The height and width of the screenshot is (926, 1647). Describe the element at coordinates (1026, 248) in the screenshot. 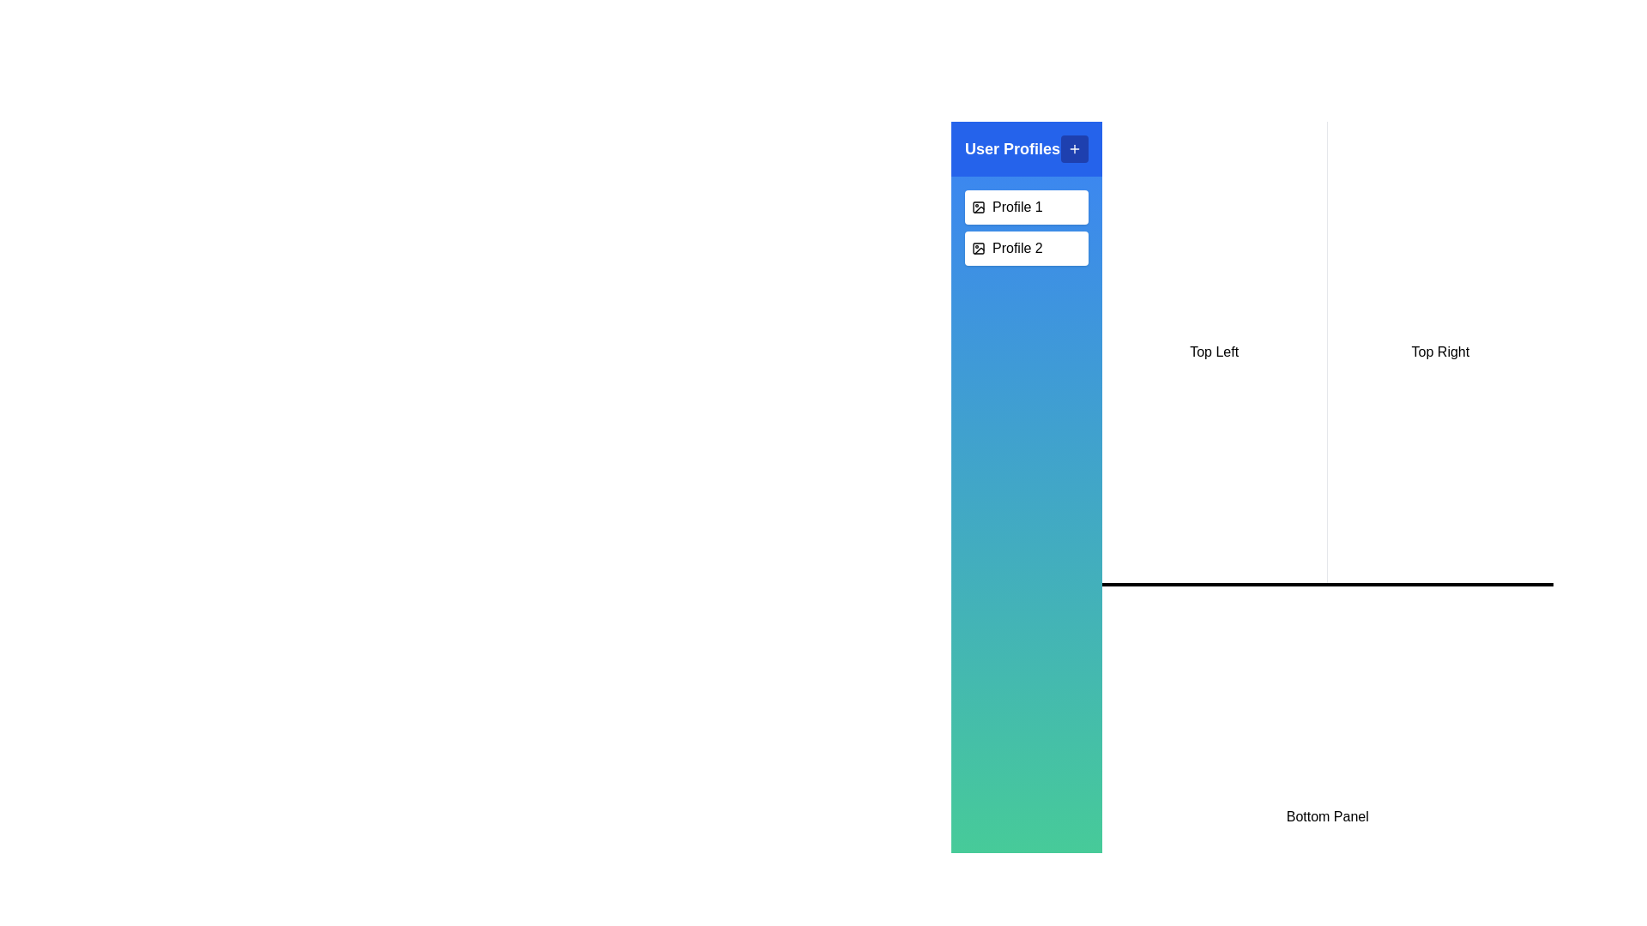

I see `the second list item in the 'User Profiles' section, which represents a selectable profile option but is not actively interactive` at that location.